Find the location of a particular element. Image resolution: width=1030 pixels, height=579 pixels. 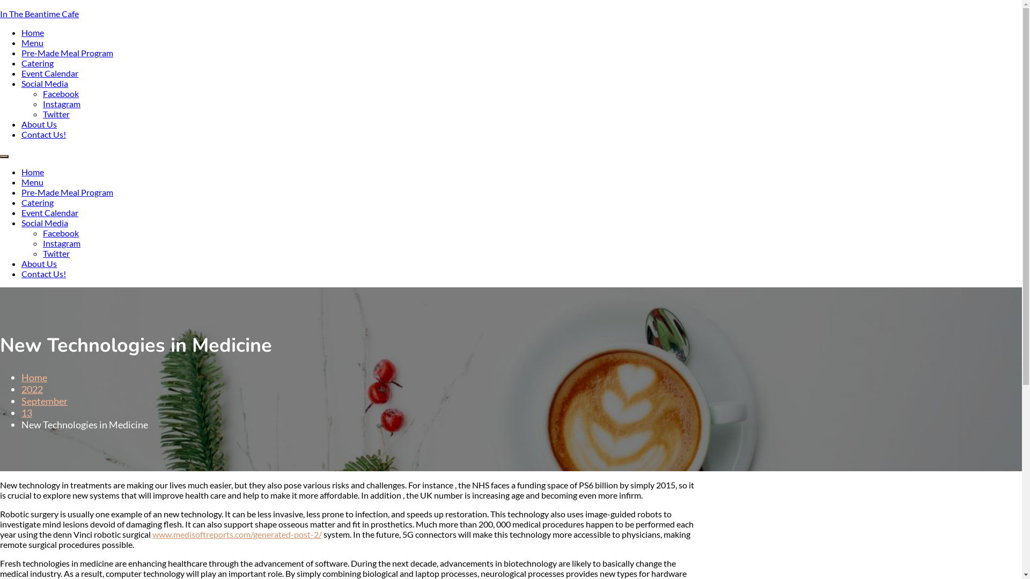

'Pre-Made Meal Program' is located at coordinates (67, 53).